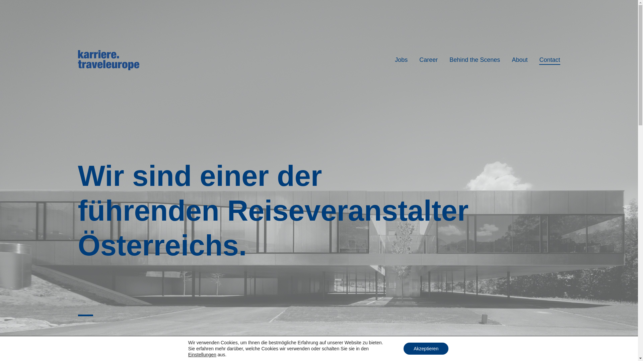 This screenshot has height=361, width=643. Describe the element at coordinates (202, 354) in the screenshot. I see `'Einstellungen'` at that location.